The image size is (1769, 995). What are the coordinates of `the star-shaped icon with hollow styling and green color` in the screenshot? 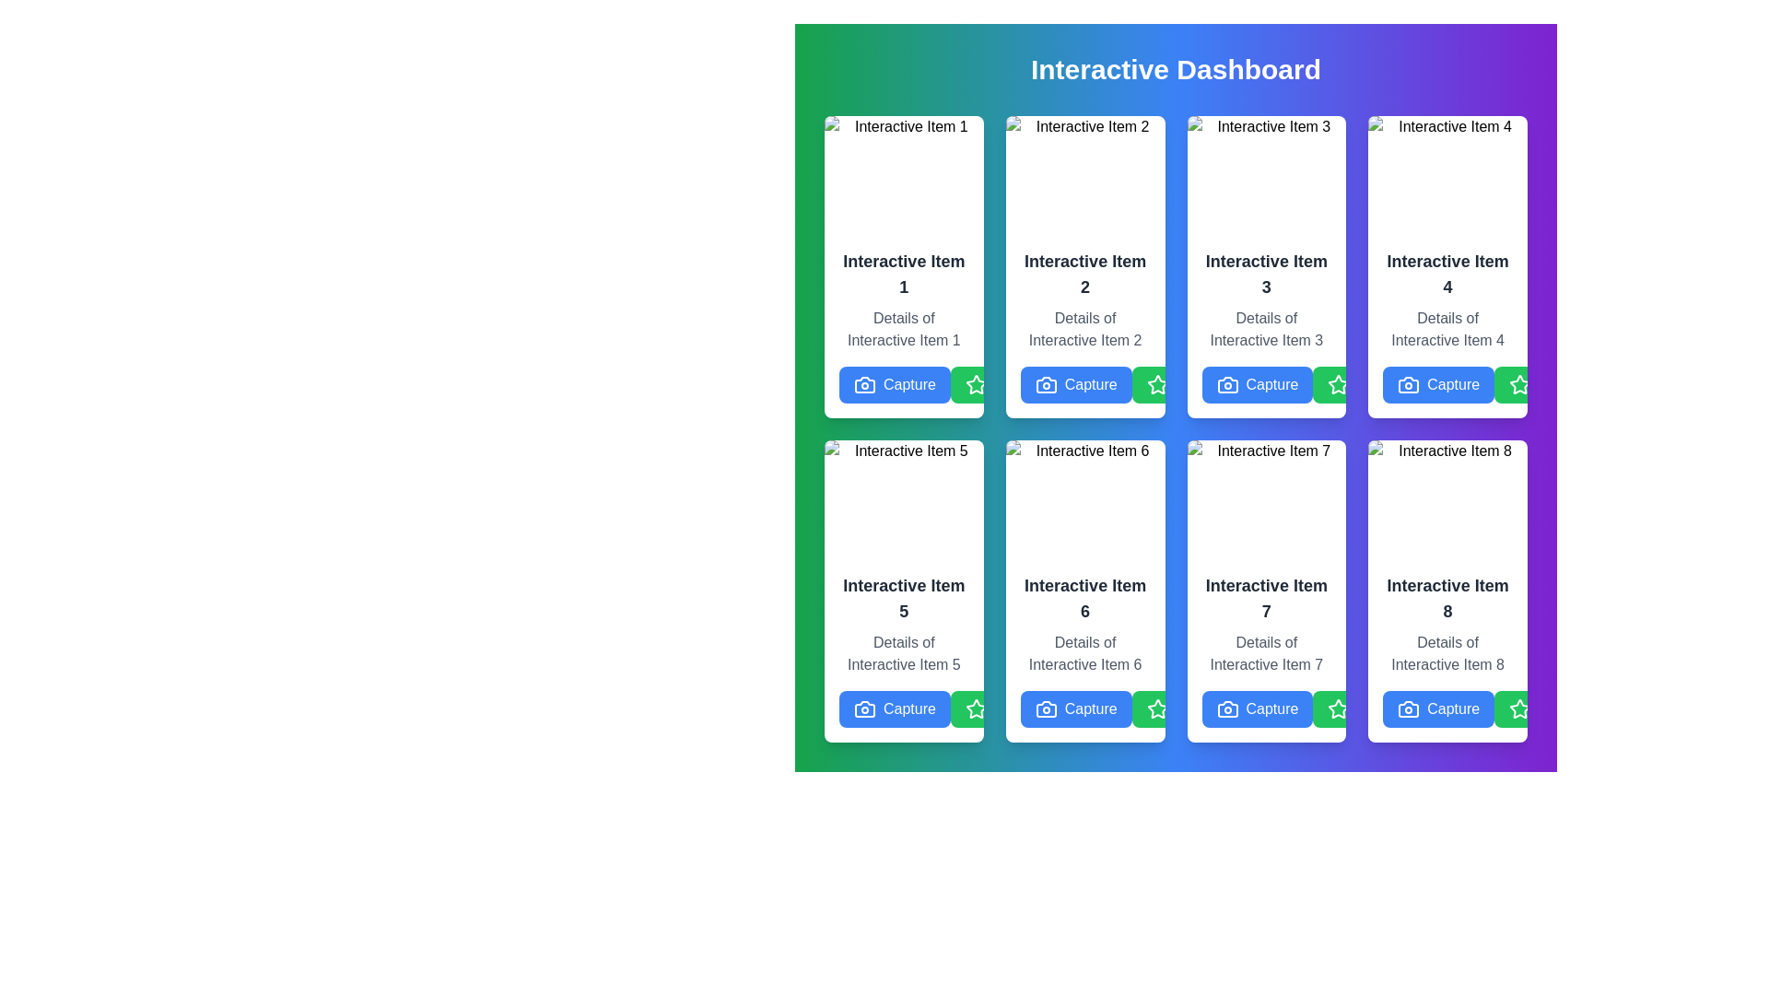 It's located at (1339, 383).